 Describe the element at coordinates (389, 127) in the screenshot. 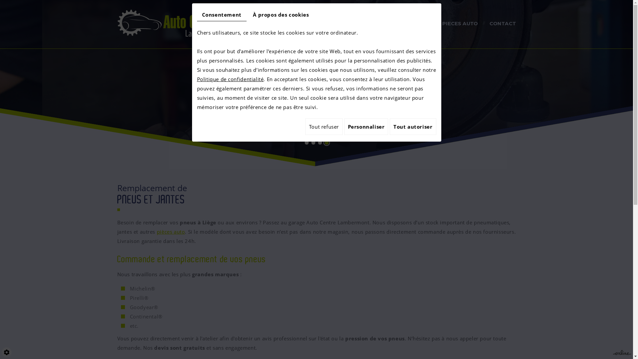

I see `'Tout autoriser'` at that location.